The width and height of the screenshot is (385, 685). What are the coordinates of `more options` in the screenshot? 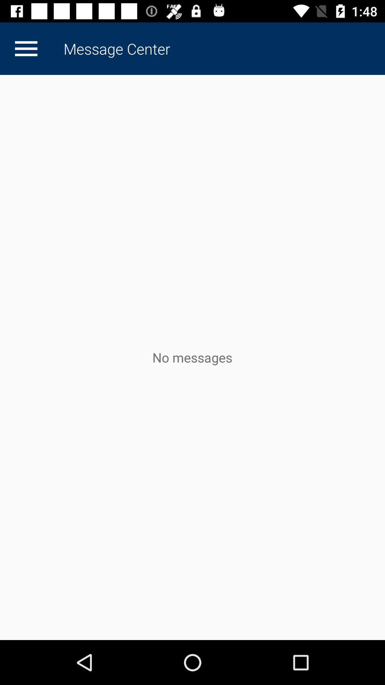 It's located at (26, 48).